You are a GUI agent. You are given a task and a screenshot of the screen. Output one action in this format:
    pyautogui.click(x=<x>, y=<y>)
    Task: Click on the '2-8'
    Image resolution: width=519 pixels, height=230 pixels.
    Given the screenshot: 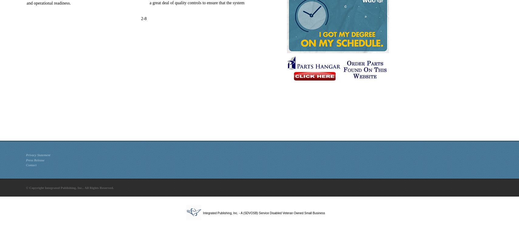 What is the action you would take?
    pyautogui.click(x=143, y=18)
    